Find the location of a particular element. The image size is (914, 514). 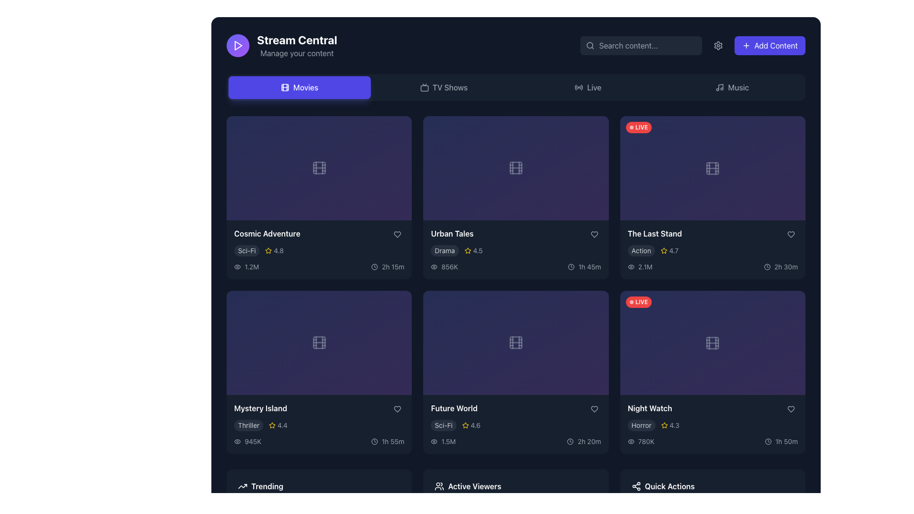

the heart icon representing the favorite action for the movie item card titled 'Urban Tales', located in the bottom-right corner of the second movie card in the first row is located at coordinates (594, 235).